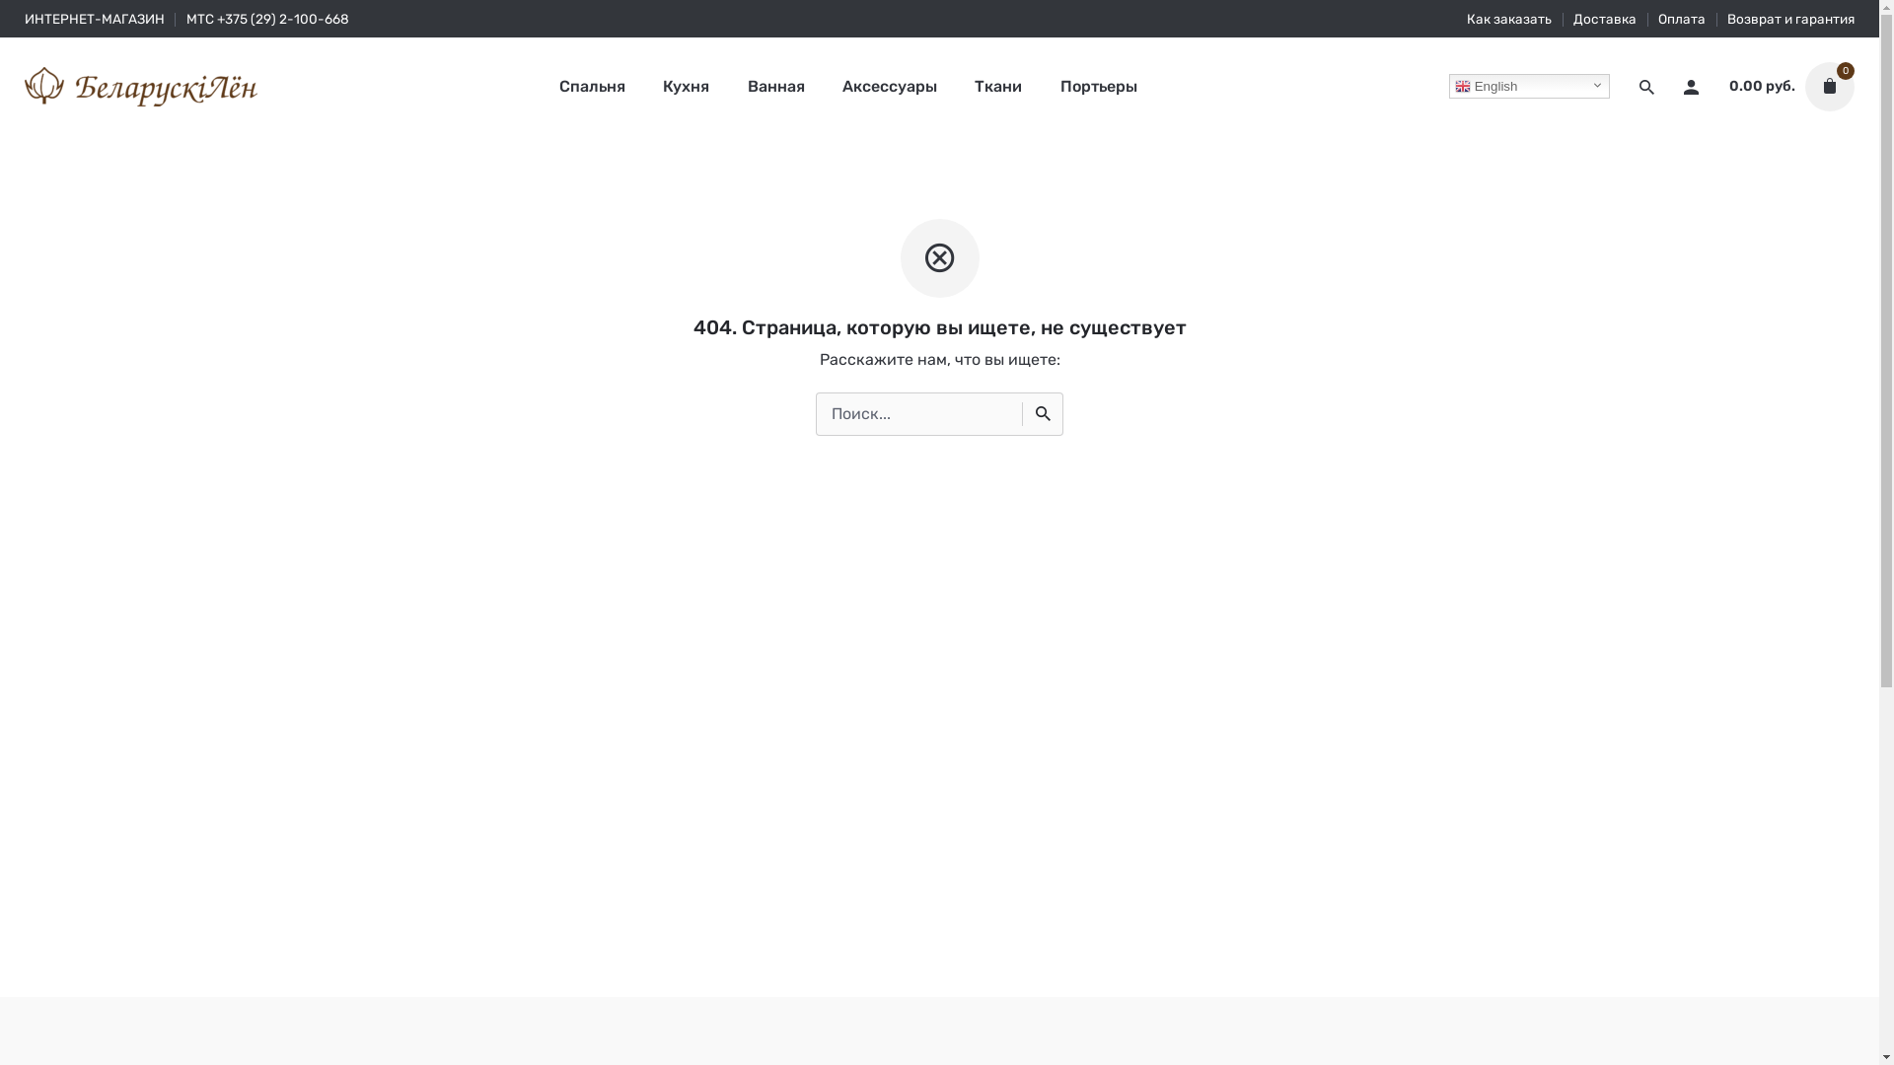  I want to click on 'English', so click(1448, 85).